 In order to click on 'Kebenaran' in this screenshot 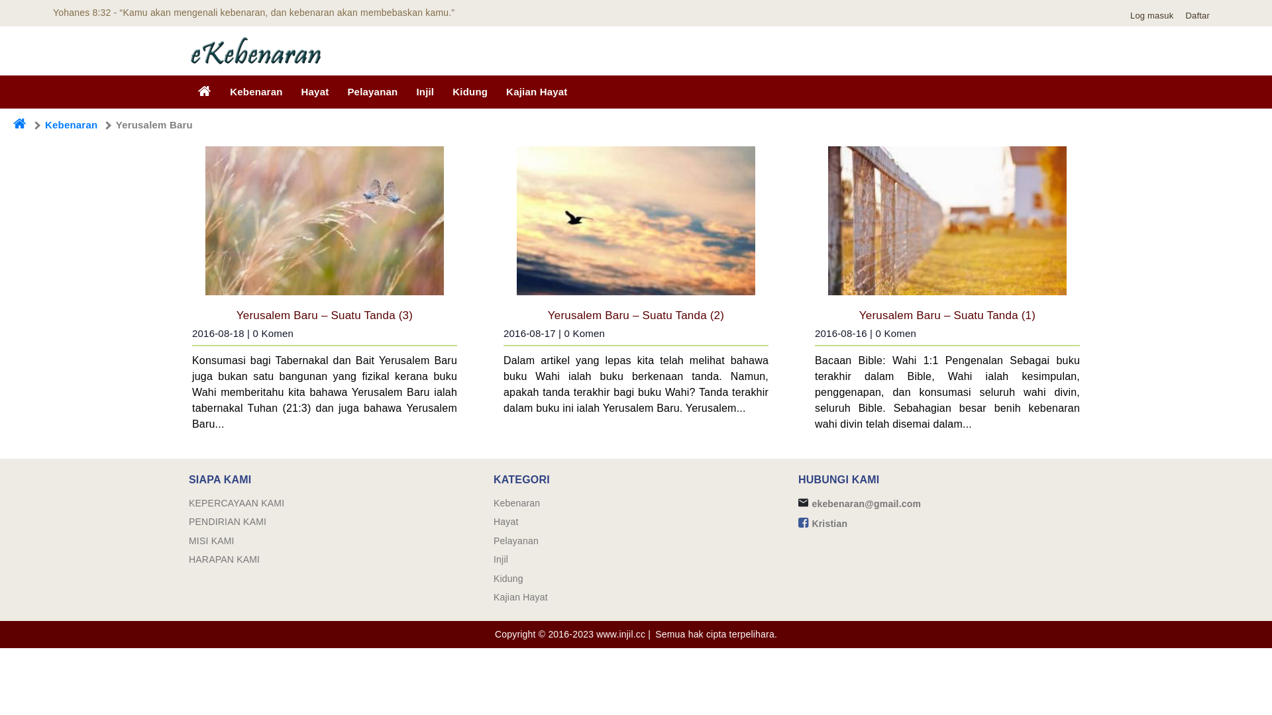, I will do `click(70, 124)`.